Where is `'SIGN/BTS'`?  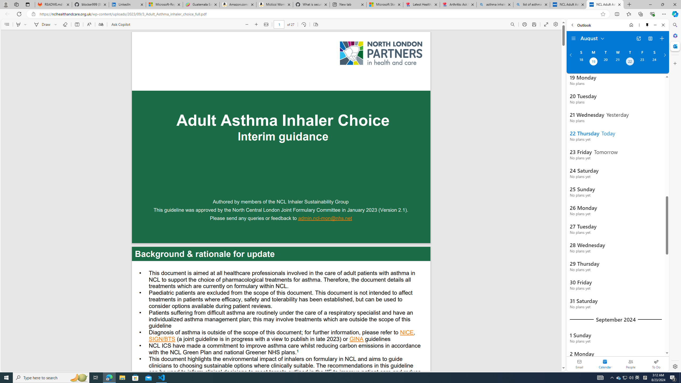
'SIGN/BTS' is located at coordinates (162, 339).